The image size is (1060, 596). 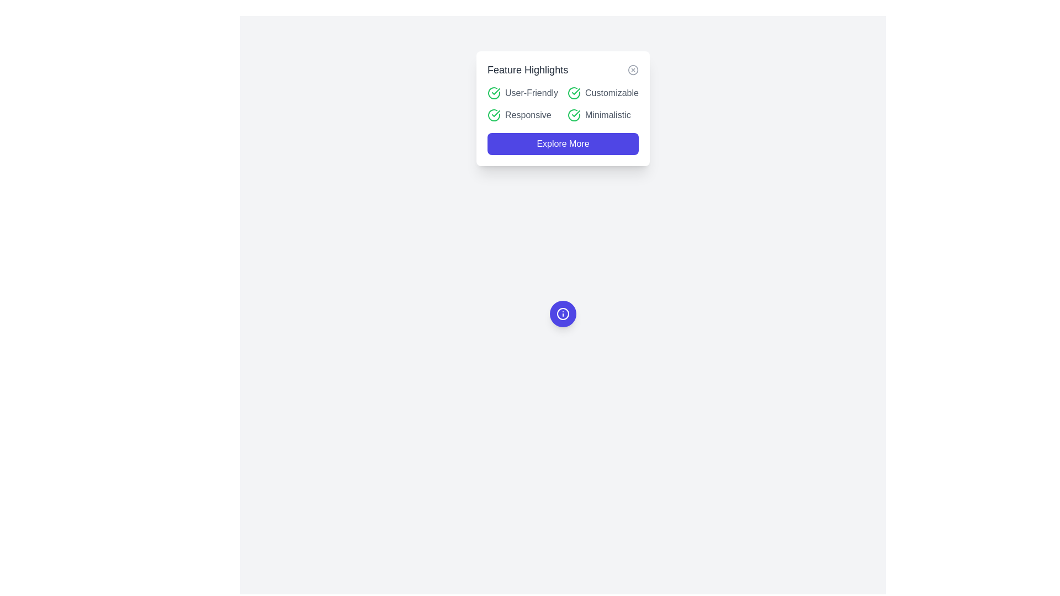 I want to click on the second checkmark graphic icon indicating the 'Responsive' feature in the 'Feature Highlights' section, so click(x=495, y=113).